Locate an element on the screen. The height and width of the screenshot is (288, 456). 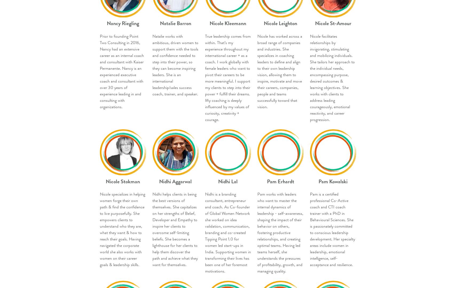
'Nidhi helps clients in being the best versions of themselves. She capitalizes on her strengths of Belief, Developer and Empathy to inspire her clients to overcome self-limiting beliefs. She becomes a lighthouse for her clients to help them discover the path and achieve what they want for themselves.' is located at coordinates (175, 229).